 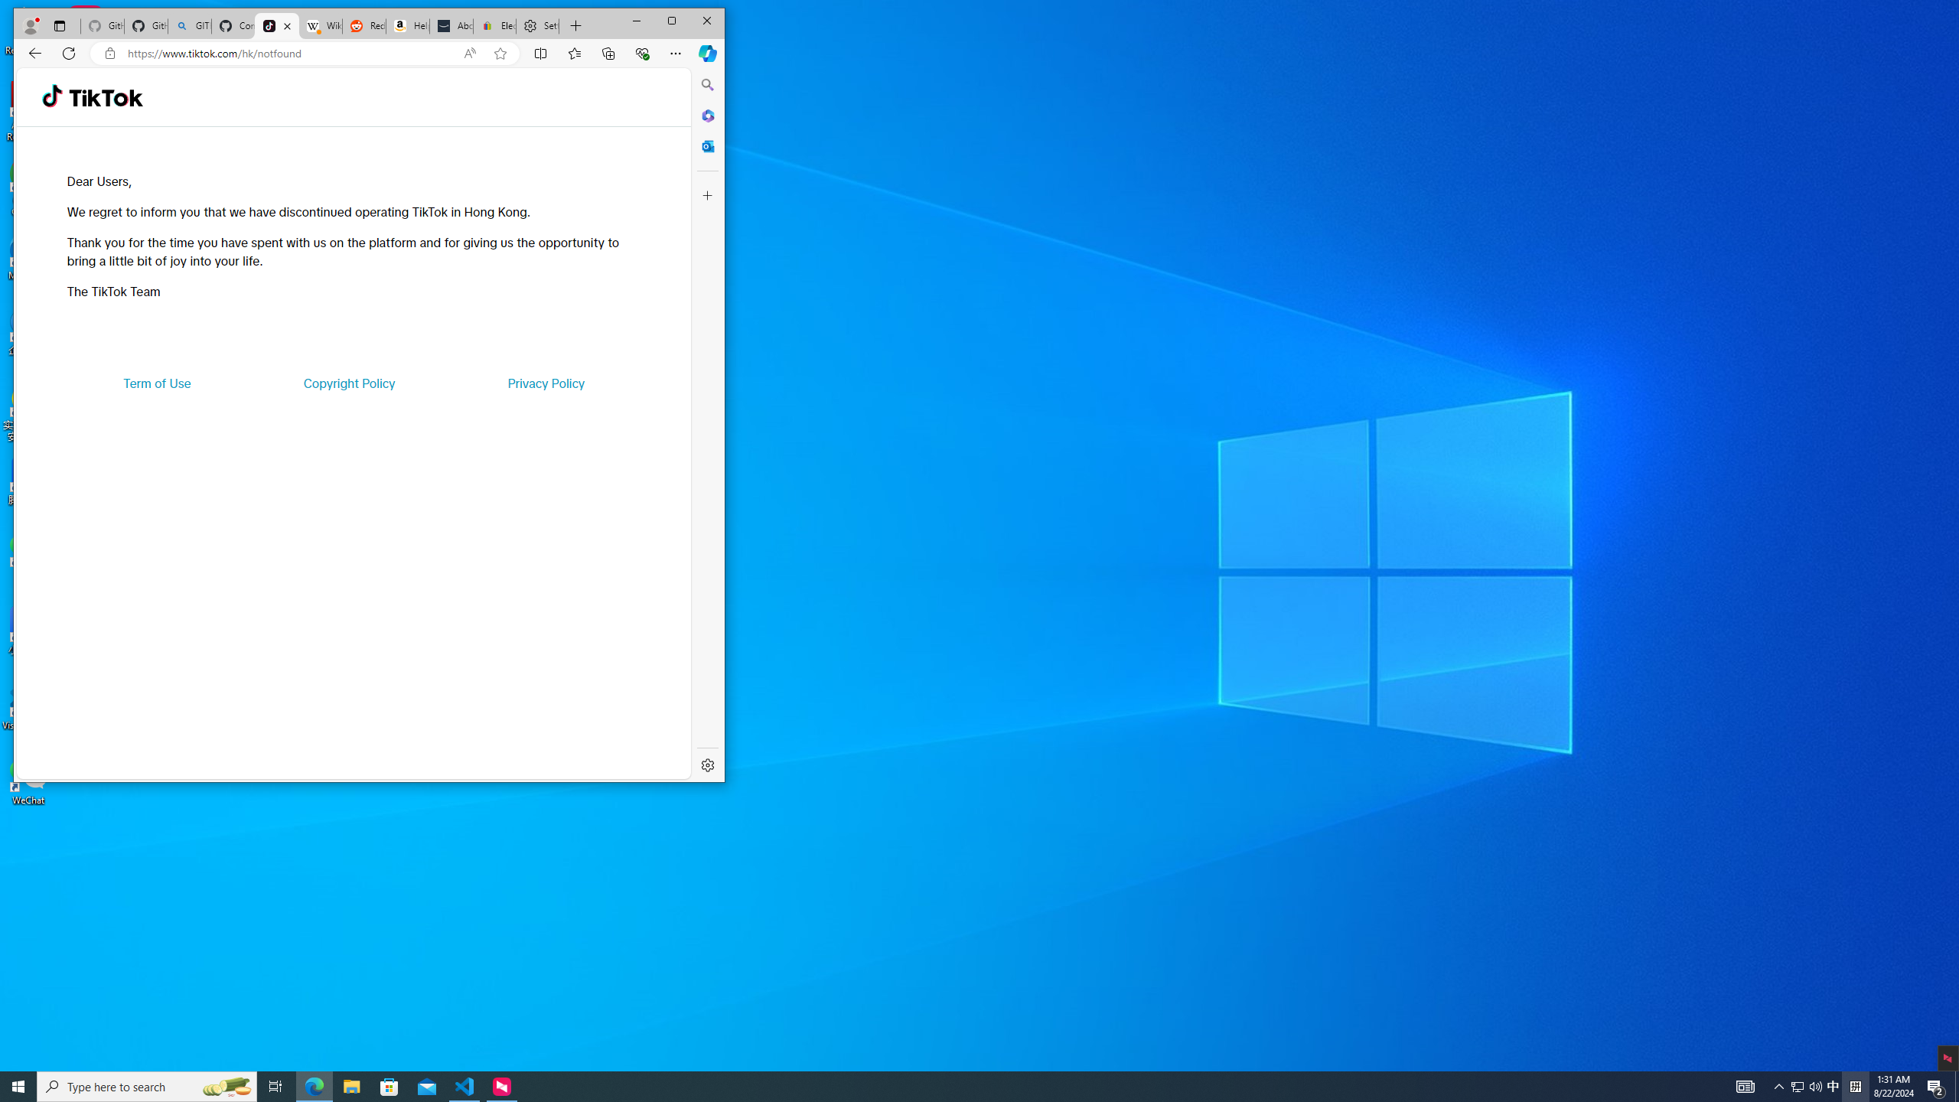 What do you see at coordinates (1815, 1085) in the screenshot?
I see `'Q2790: 100%'` at bounding box center [1815, 1085].